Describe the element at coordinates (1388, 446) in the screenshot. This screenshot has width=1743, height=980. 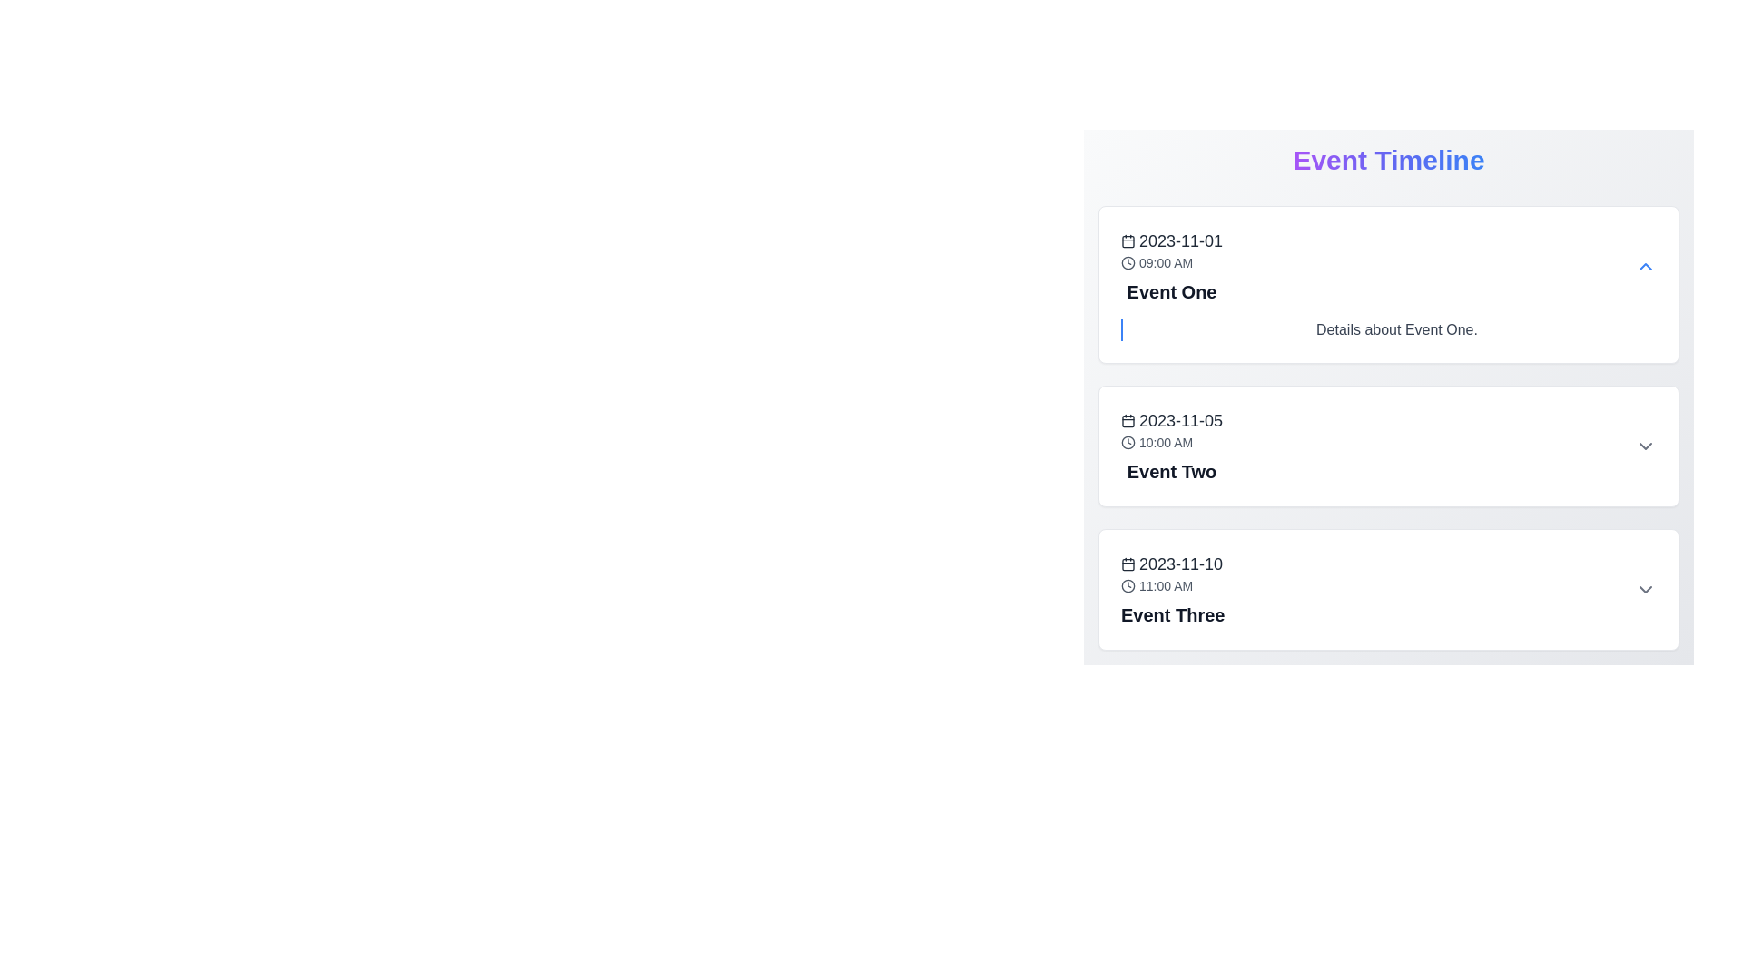
I see `the event card titled 'Event Two' dated '2023-11-05 10:00 AM'` at that location.